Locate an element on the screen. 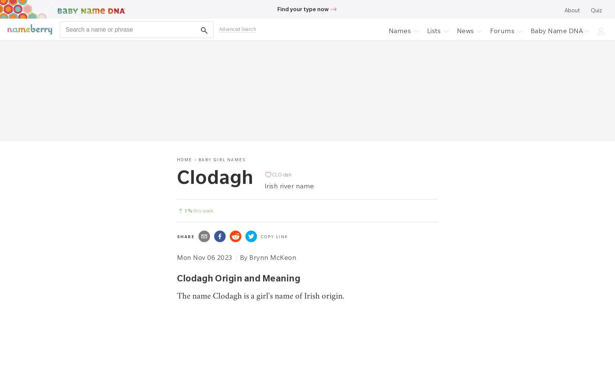 The image size is (615, 386). 'Baby Girl Names' is located at coordinates (221, 159).